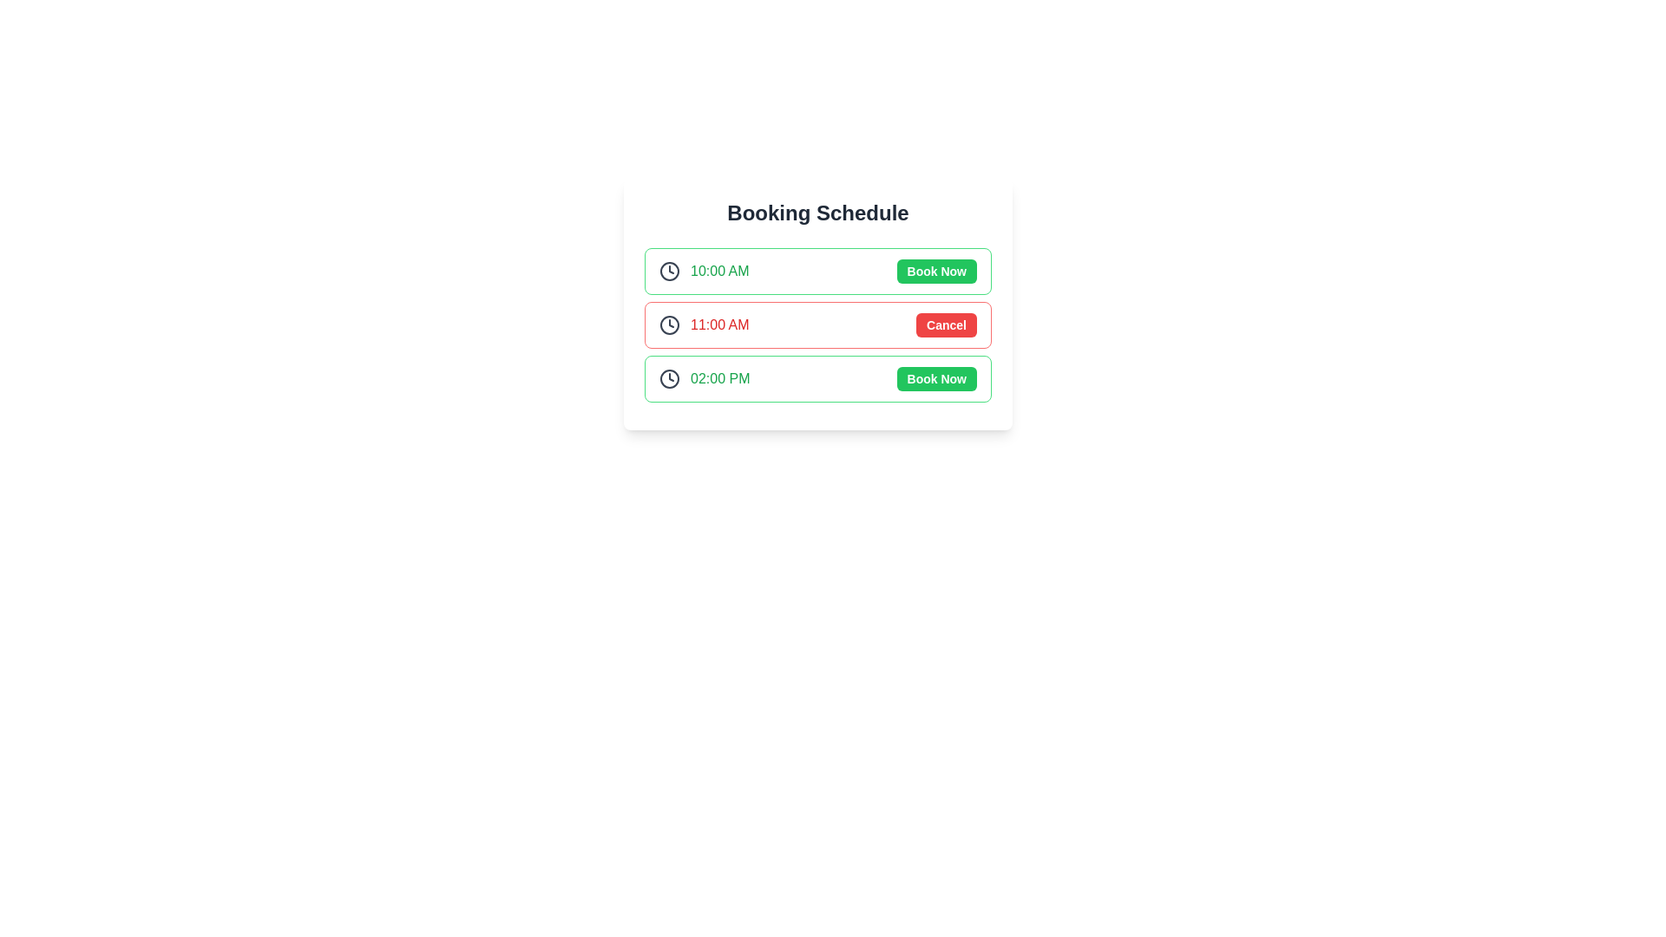 Image resolution: width=1666 pixels, height=937 pixels. What do you see at coordinates (719, 324) in the screenshot?
I see `the text label displaying '11:00 AM' in bold red font, located in the middle row of the schedule list, positioned between '10:00 AM' and '02:00 PM'` at bounding box center [719, 324].